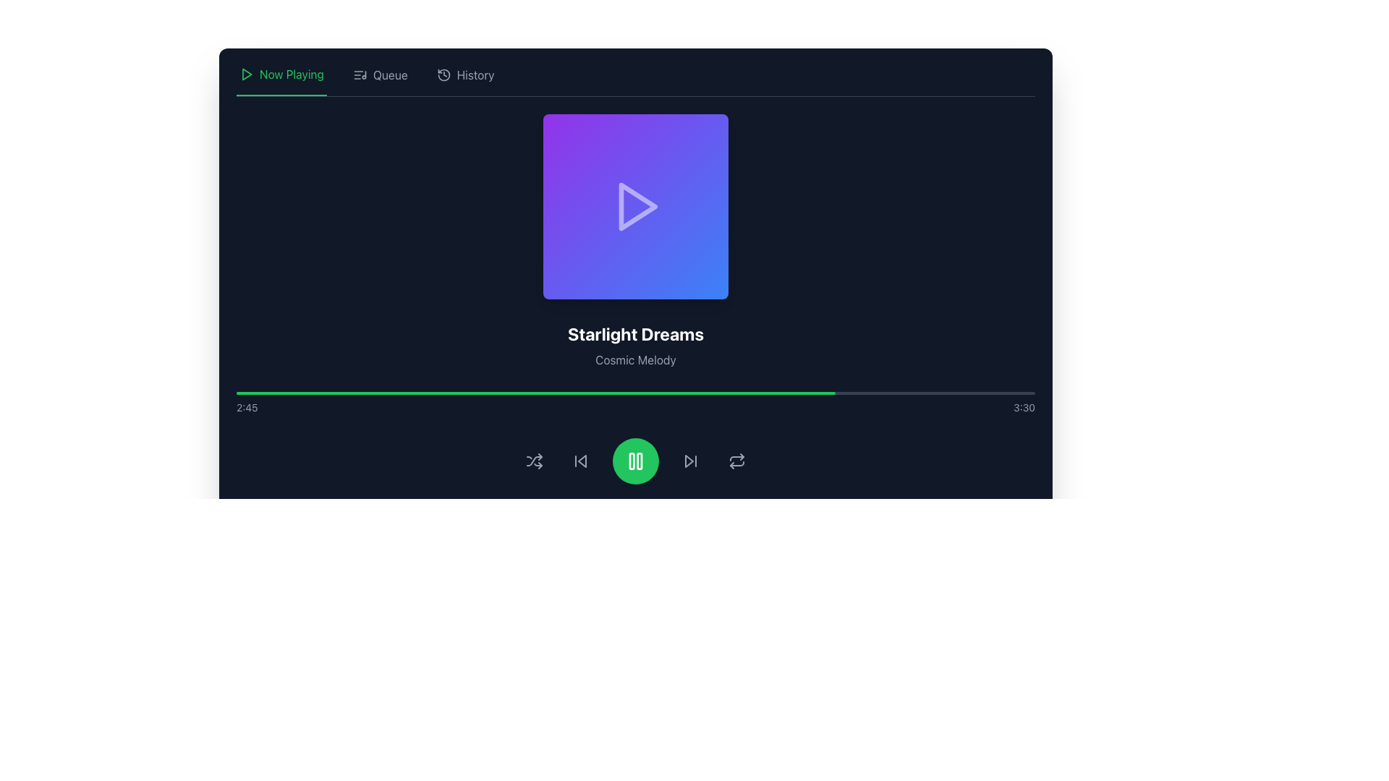 This screenshot has width=1389, height=781. I want to click on the fast-forward button with a gray icon on a dark background, located to the right of the green play/pause button, to skip to the next item, so click(690, 461).